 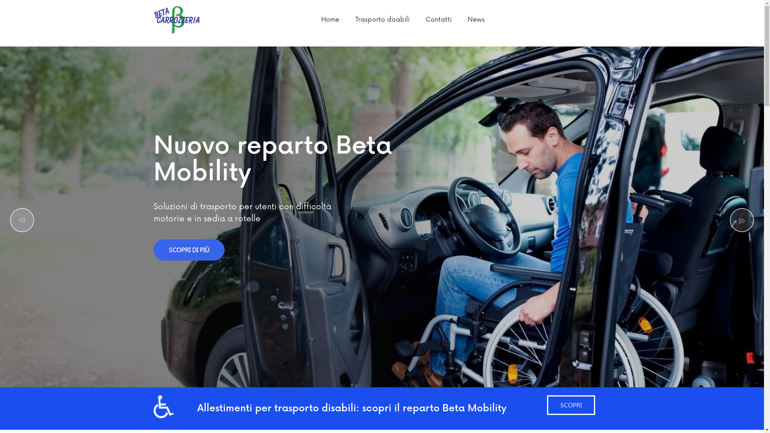 I want to click on 'Home', so click(x=330, y=19).